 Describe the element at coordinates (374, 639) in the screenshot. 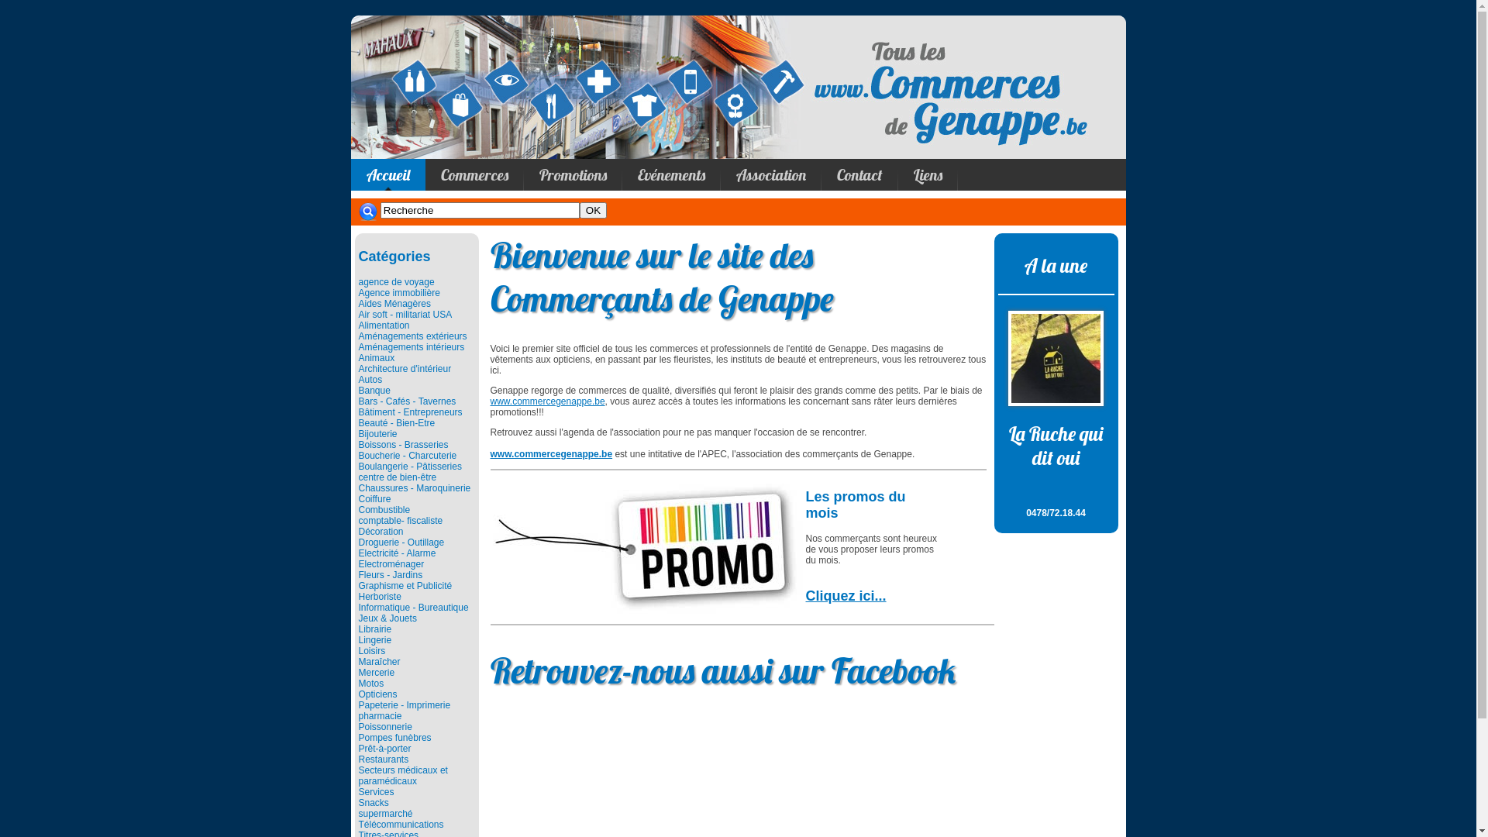

I see `'Lingerie'` at that location.